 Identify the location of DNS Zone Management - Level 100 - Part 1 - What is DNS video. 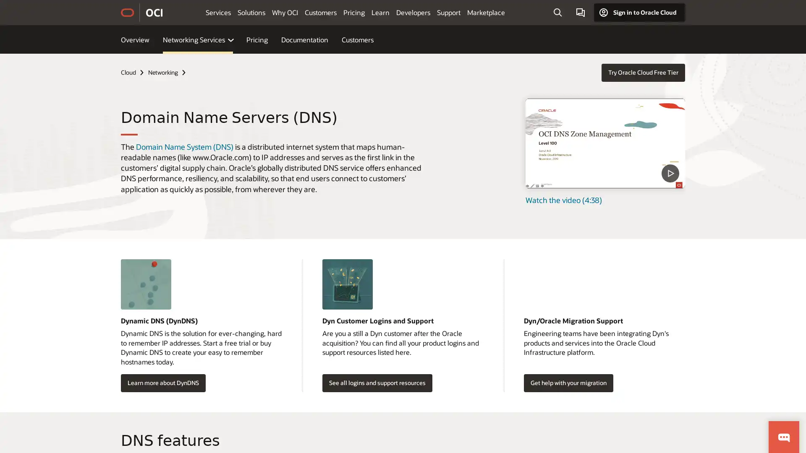
(605, 143).